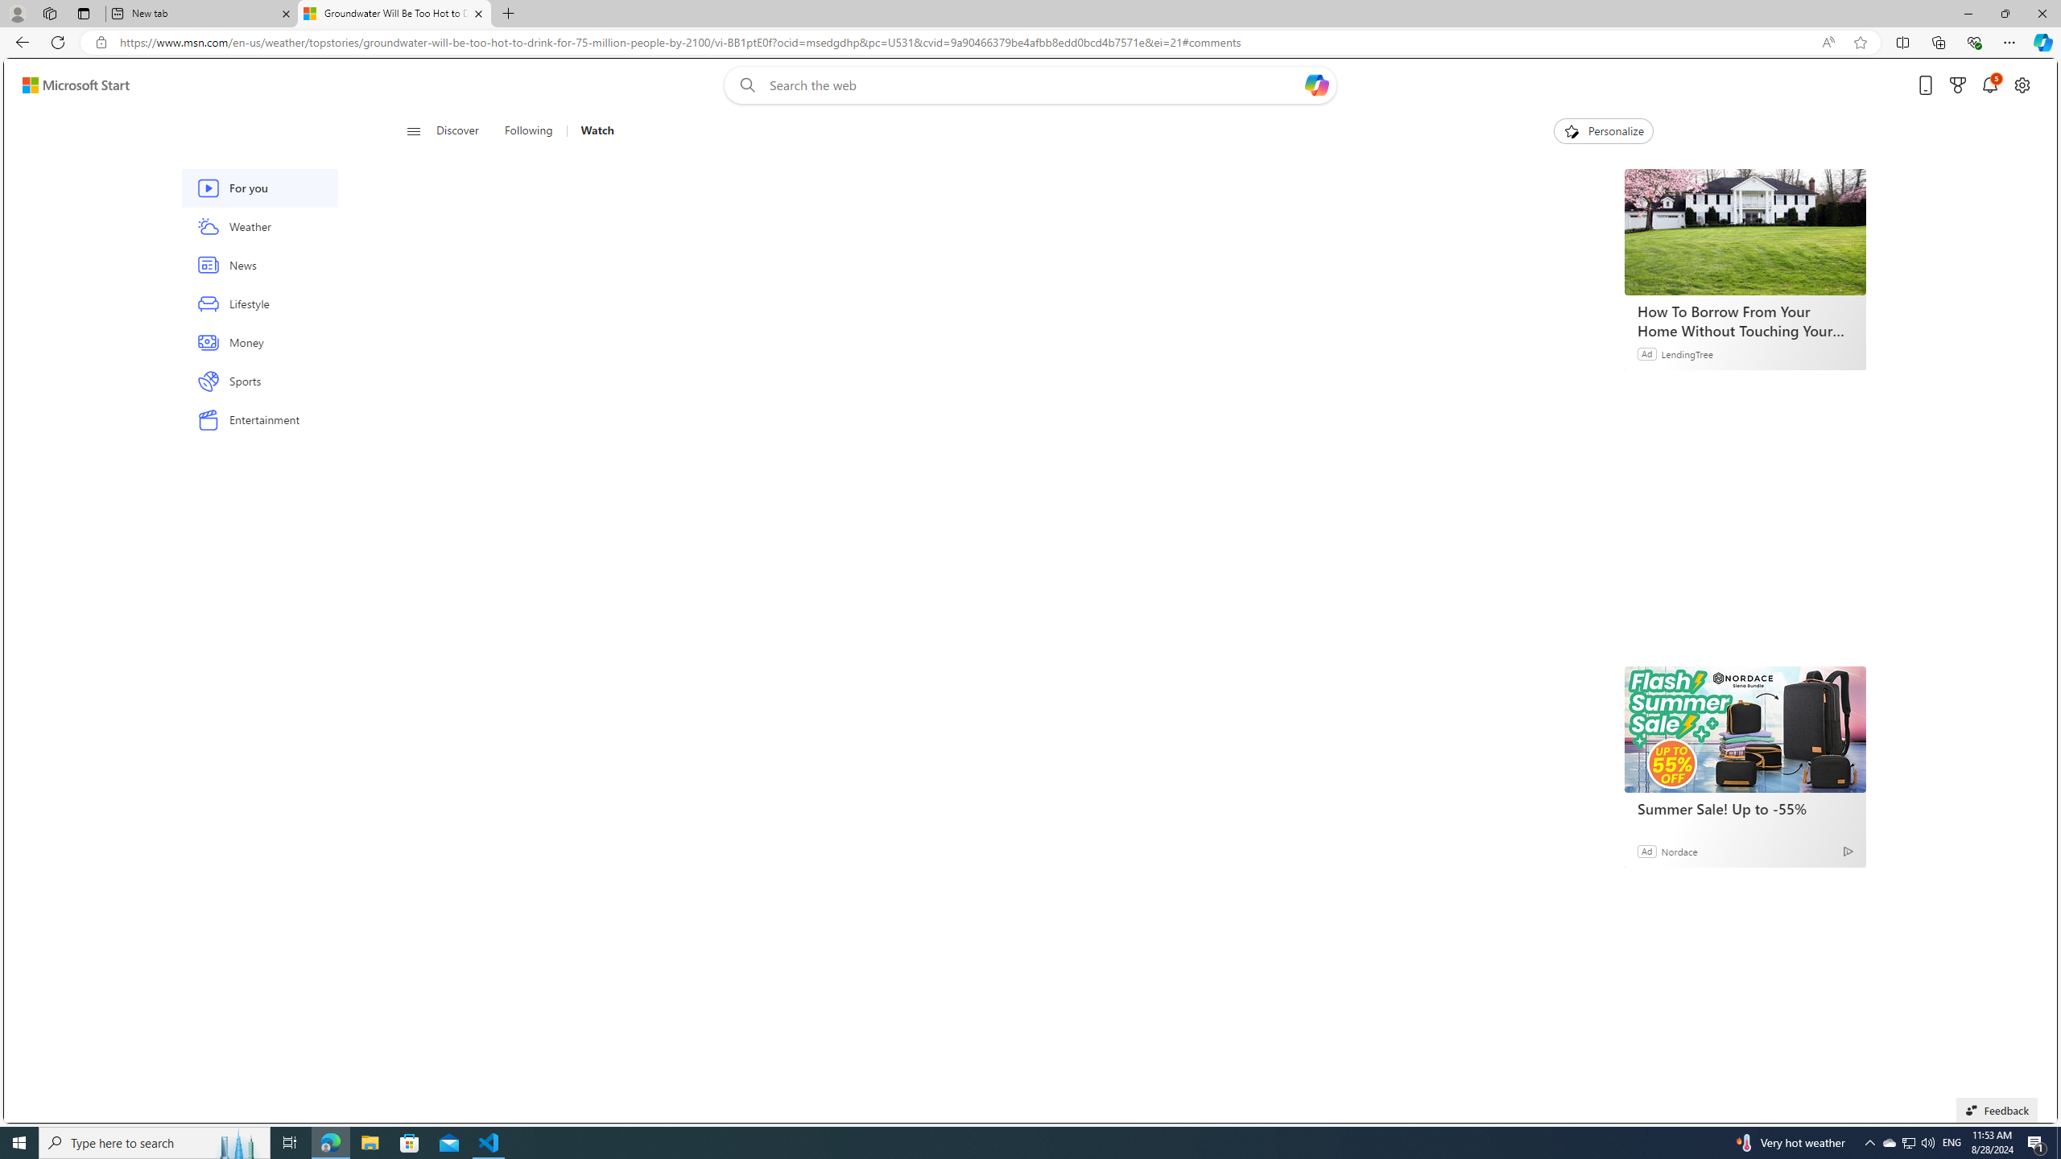  Describe the element at coordinates (1602, 130) in the screenshot. I see `'Personalize'` at that location.